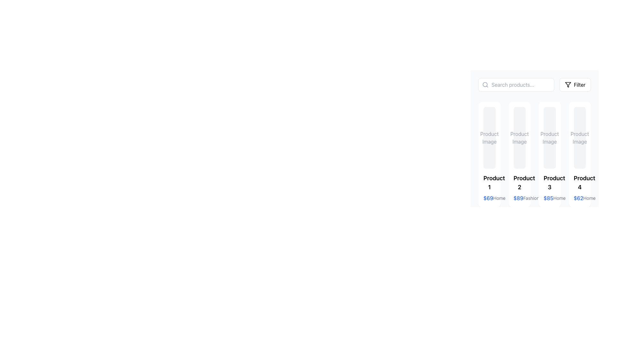 This screenshot has height=347, width=618. What do you see at coordinates (559, 198) in the screenshot?
I see `the static text label displaying 'Home' which is styled in light gray and located within the 'Product 3' card, adjacent to the '$85' price label` at bounding box center [559, 198].